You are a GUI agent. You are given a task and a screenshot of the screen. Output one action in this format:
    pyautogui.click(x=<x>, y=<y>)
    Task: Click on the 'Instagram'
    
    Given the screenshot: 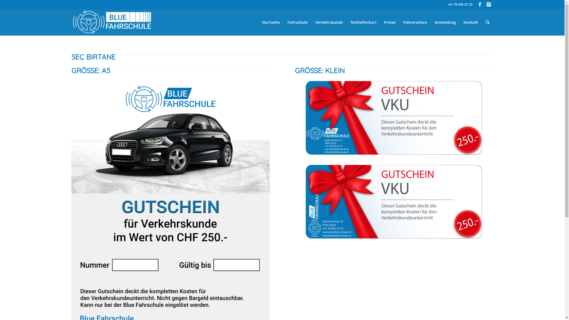 What is the action you would take?
    pyautogui.click(x=489, y=4)
    